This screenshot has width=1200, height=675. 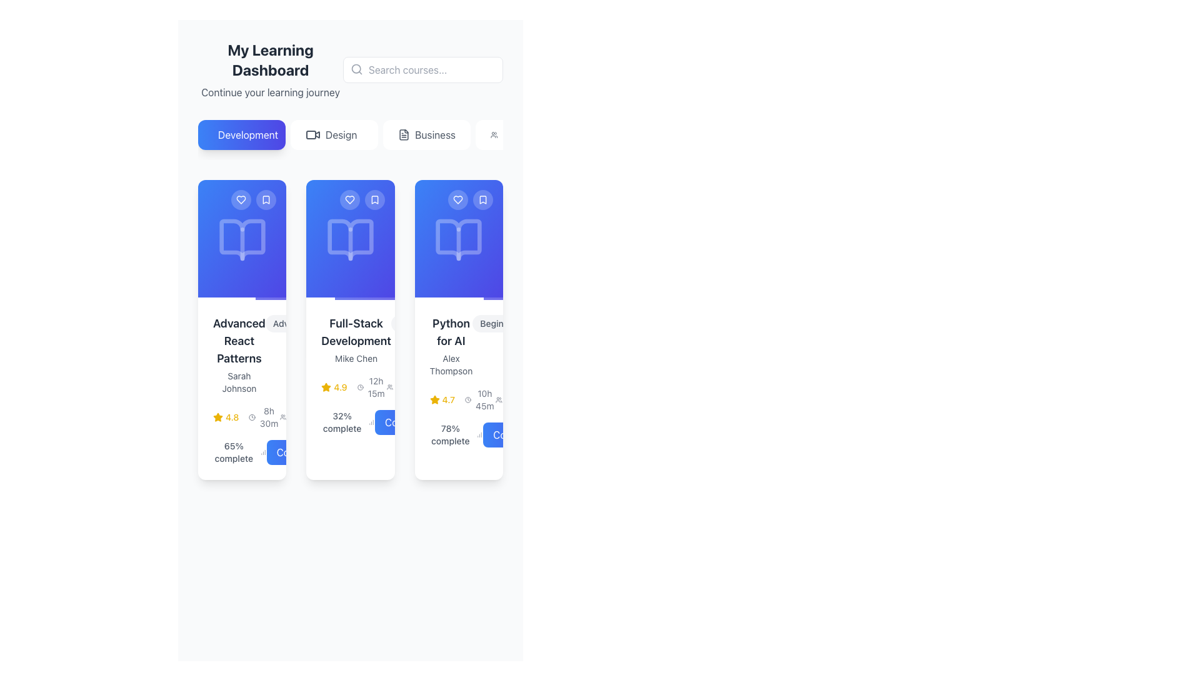 What do you see at coordinates (248, 135) in the screenshot?
I see `the 'Development' text label within the button element` at bounding box center [248, 135].